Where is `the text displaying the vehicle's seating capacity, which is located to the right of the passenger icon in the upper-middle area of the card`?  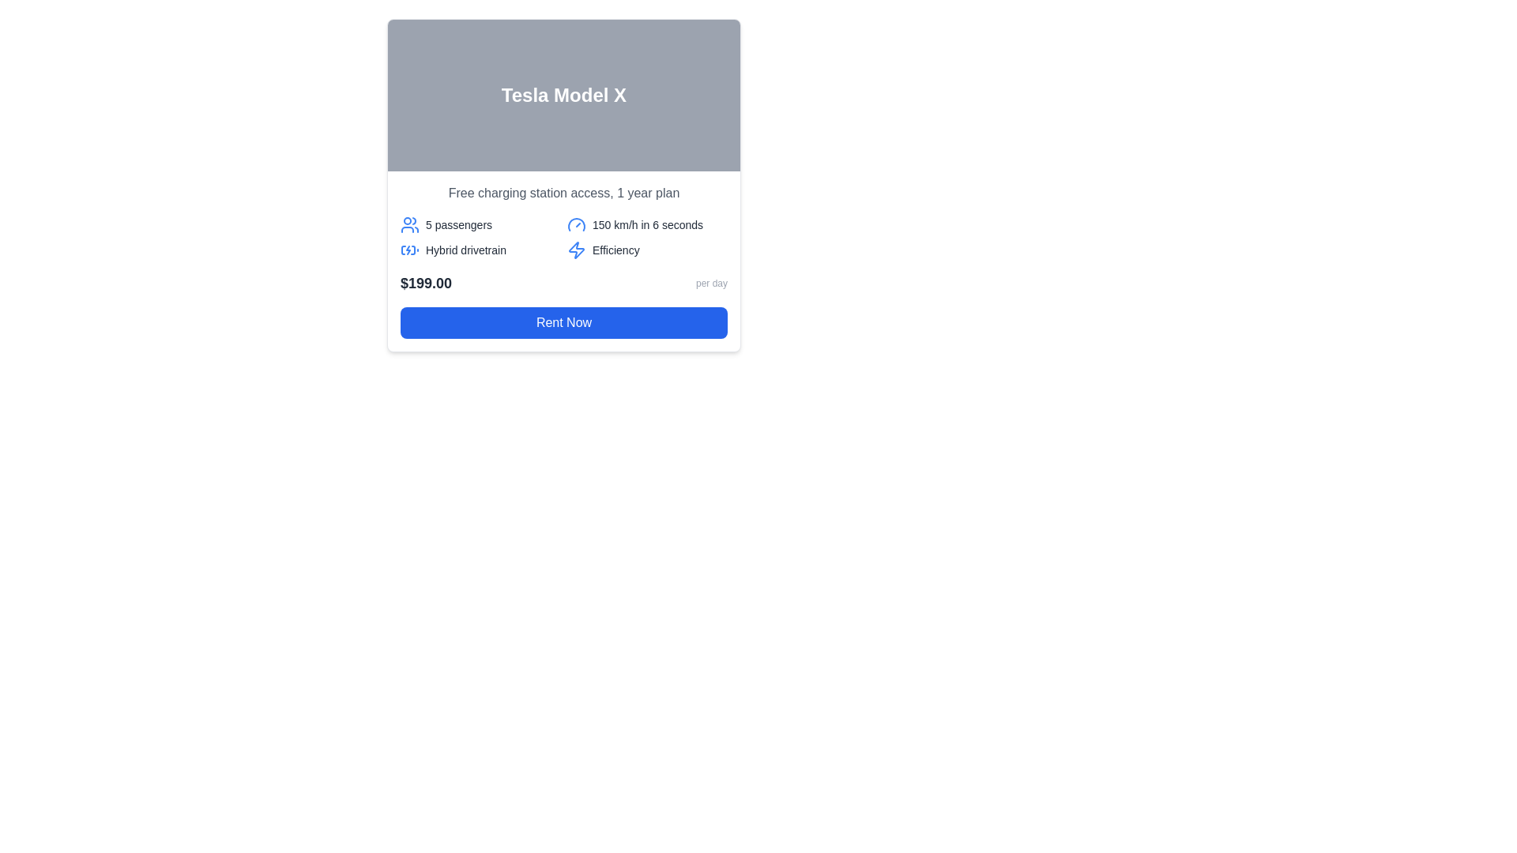 the text displaying the vehicle's seating capacity, which is located to the right of the passenger icon in the upper-middle area of the card is located at coordinates (457, 225).